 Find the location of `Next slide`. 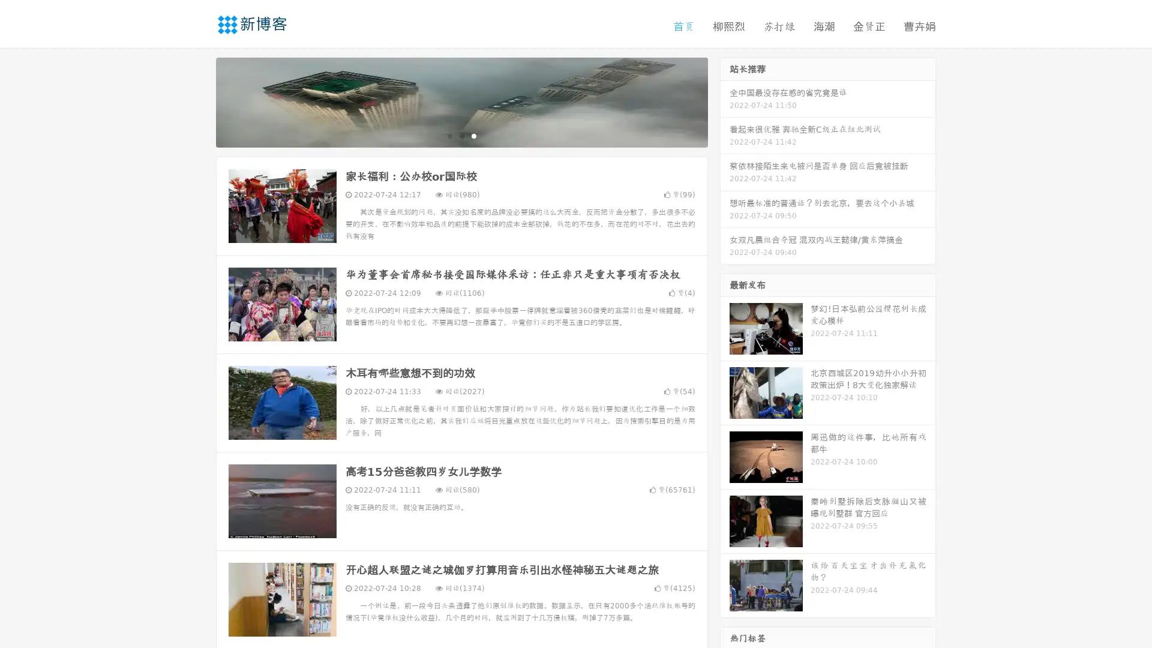

Next slide is located at coordinates (725, 101).